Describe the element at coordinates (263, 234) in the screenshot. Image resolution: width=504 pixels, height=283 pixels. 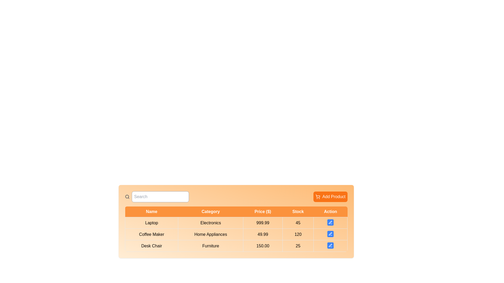
I see `price displayed in the Text Display element for the 'Coffee Maker' product, located in the second row of the table under the 'Price ($)' column` at that location.